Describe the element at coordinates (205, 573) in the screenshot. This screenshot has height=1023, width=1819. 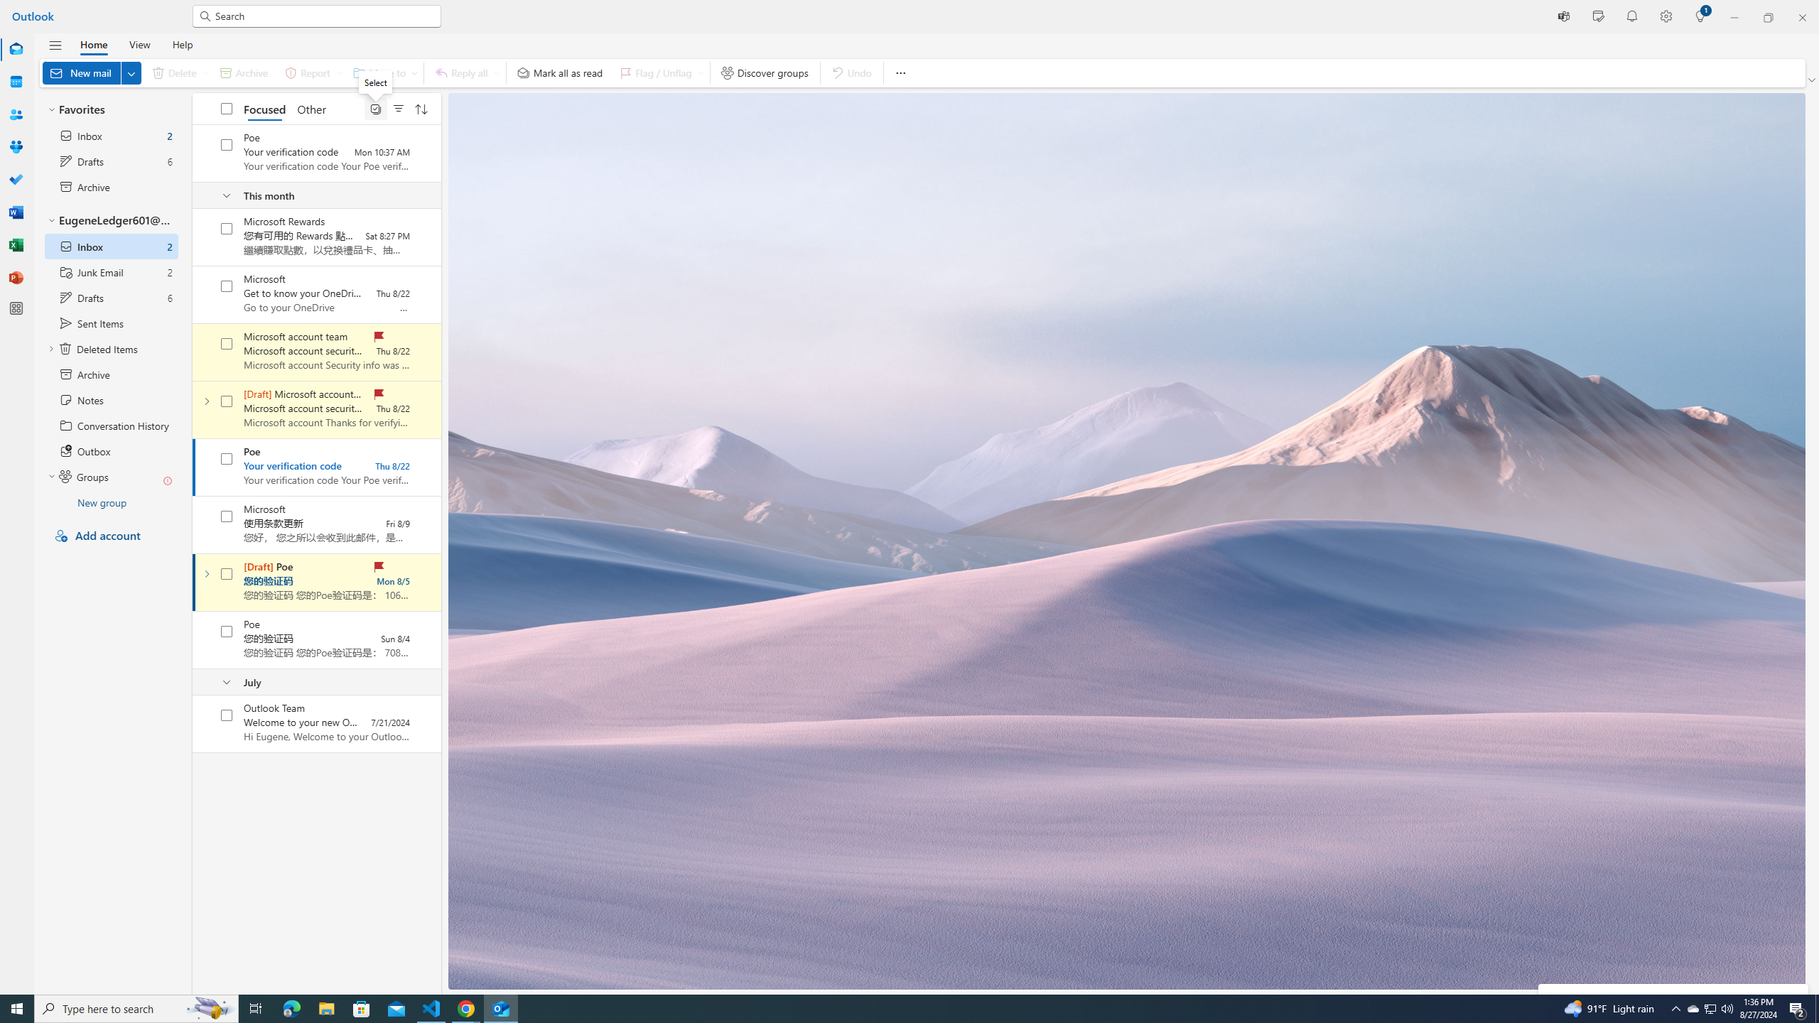
I see `'Expand conversation'` at that location.